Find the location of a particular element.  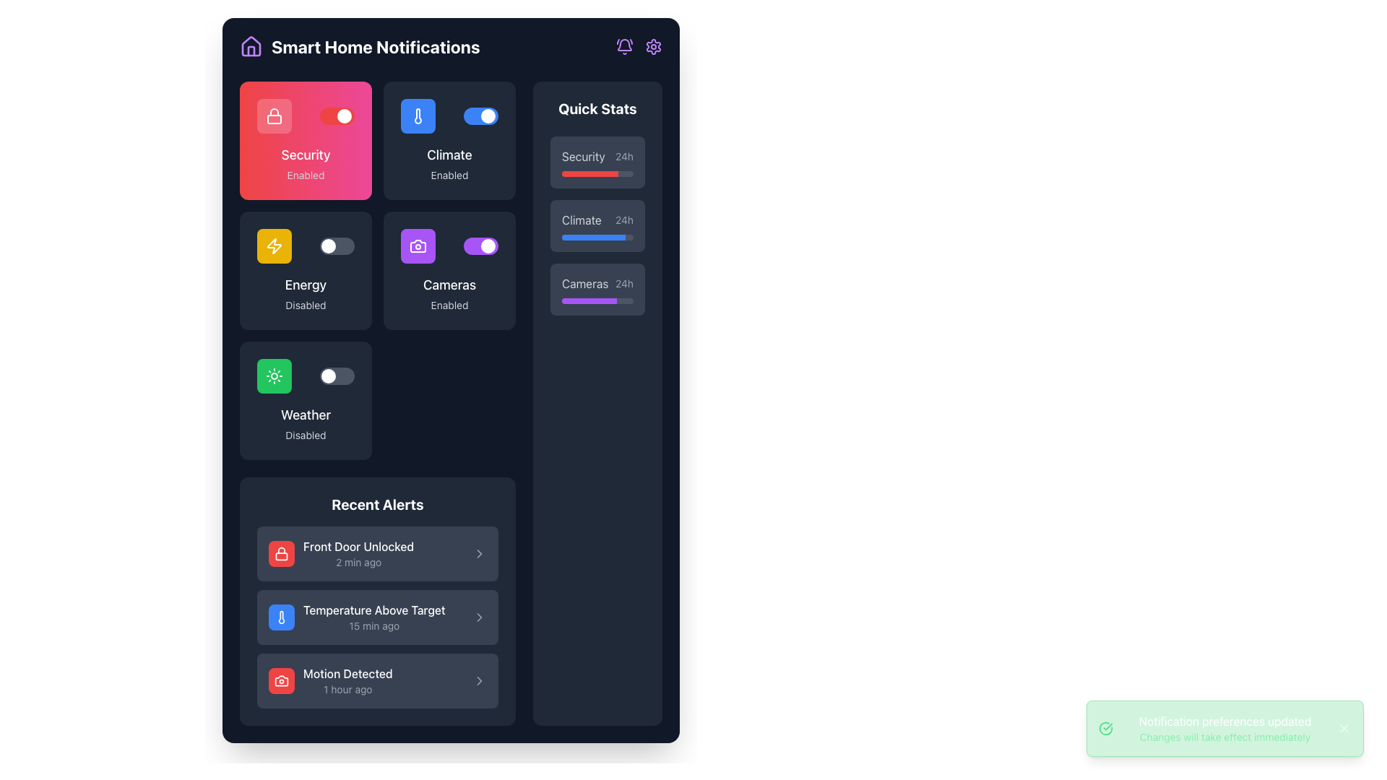

the Text Label that indicates the front door's current status being unlocked, which is located in the 'Recent Alerts' section at the bottom of the layout is located at coordinates (358, 546).